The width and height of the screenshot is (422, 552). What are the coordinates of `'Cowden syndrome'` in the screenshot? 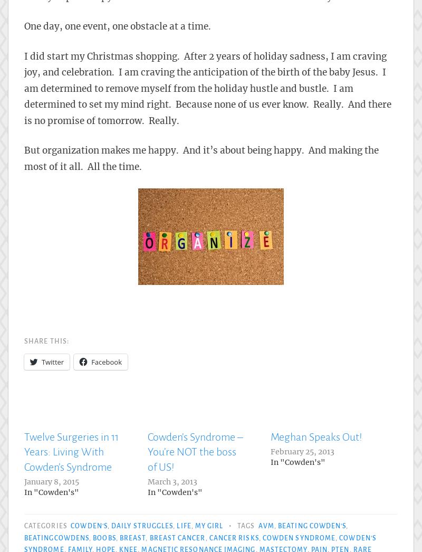 It's located at (299, 538).